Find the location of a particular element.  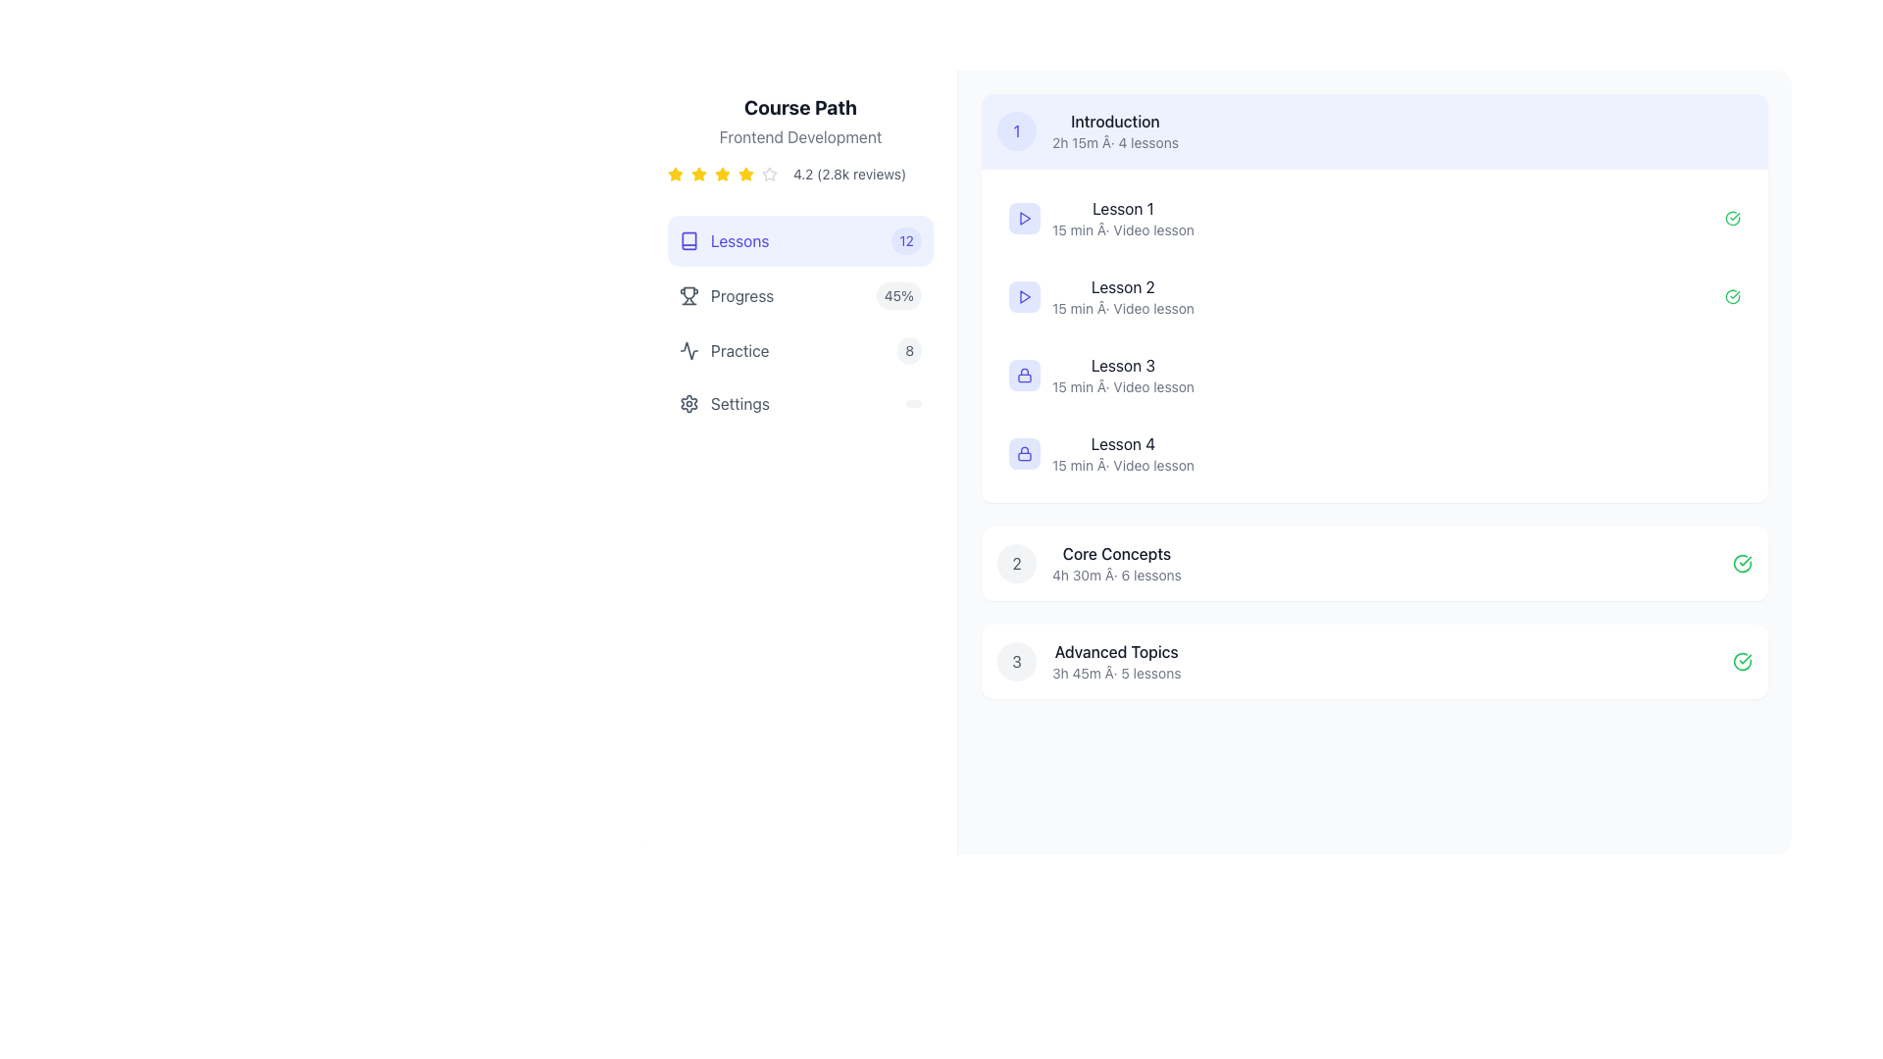

the static label providing details about 'Lesson 4', which includes its duration and type is located at coordinates (1123, 465).